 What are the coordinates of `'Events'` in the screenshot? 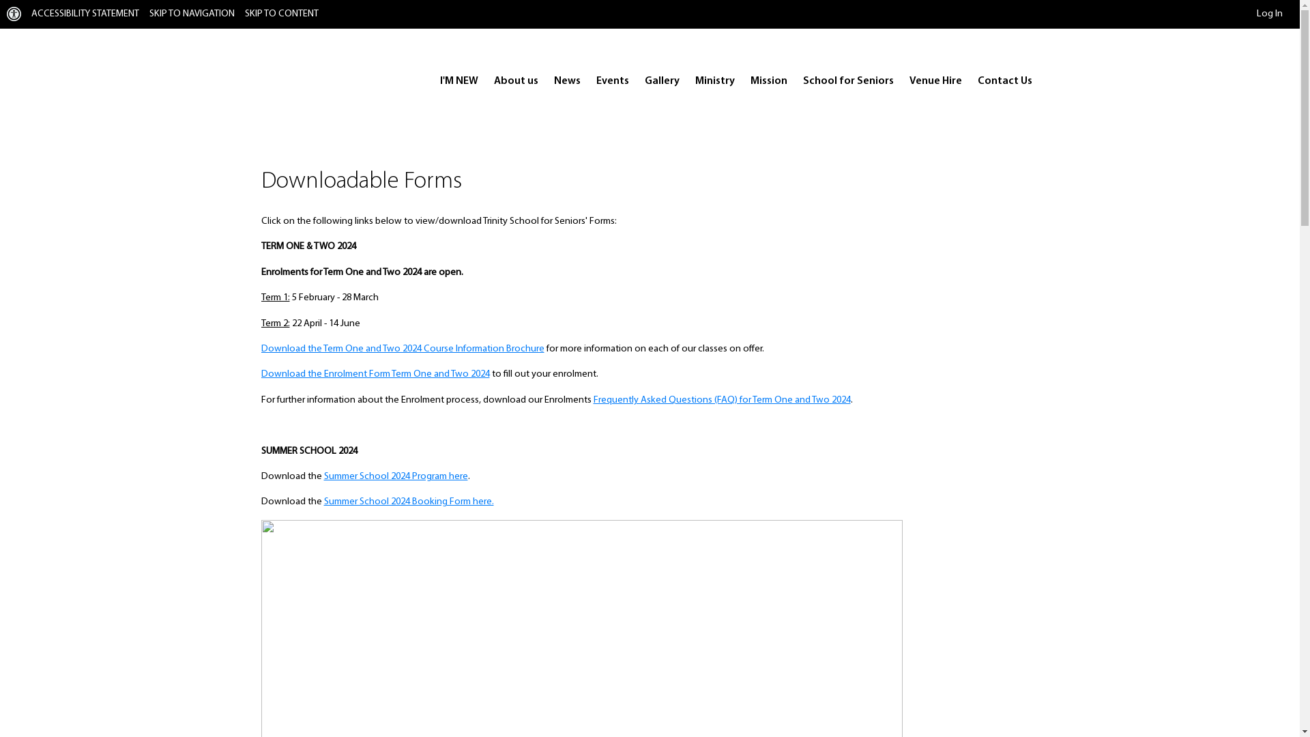 It's located at (611, 81).